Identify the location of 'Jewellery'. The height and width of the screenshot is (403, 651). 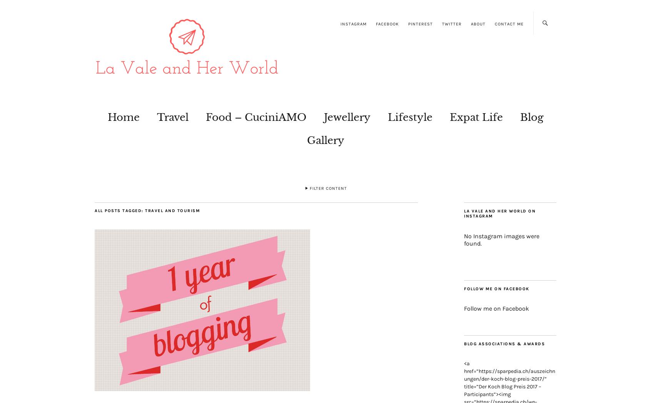
(346, 117).